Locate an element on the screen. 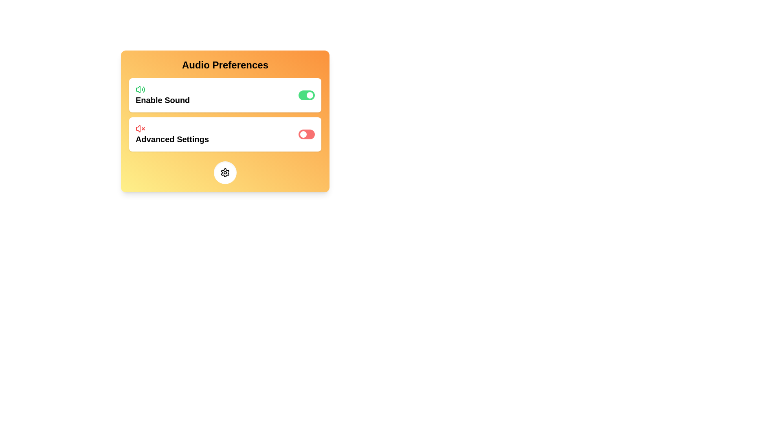  the settings button located below the preferences is located at coordinates (225, 172).